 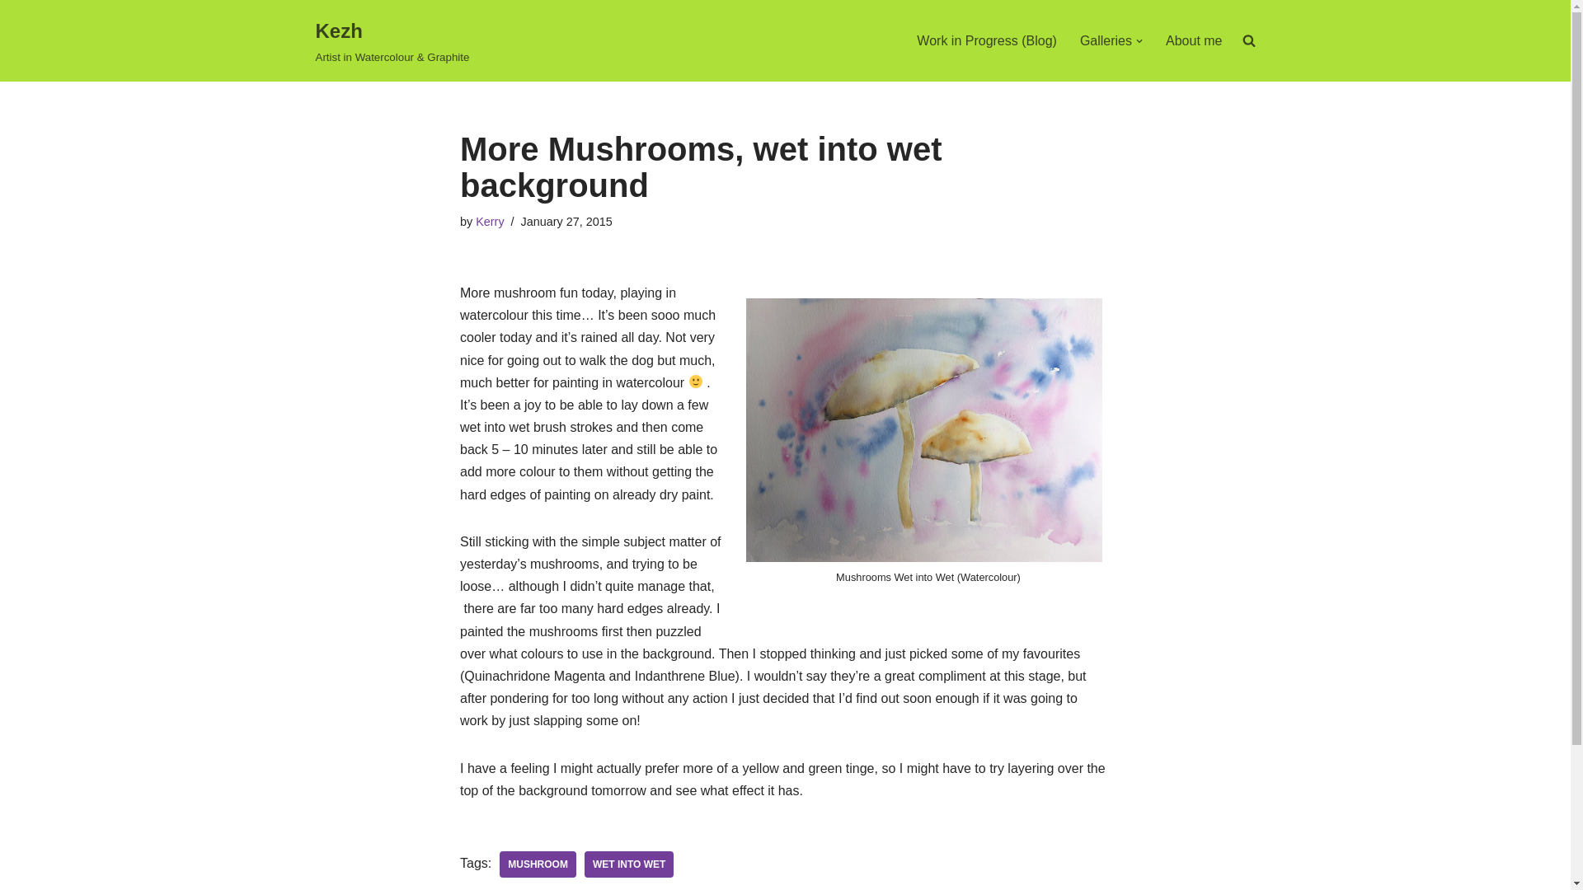 I want to click on 'Skip to content', so click(x=12, y=35).